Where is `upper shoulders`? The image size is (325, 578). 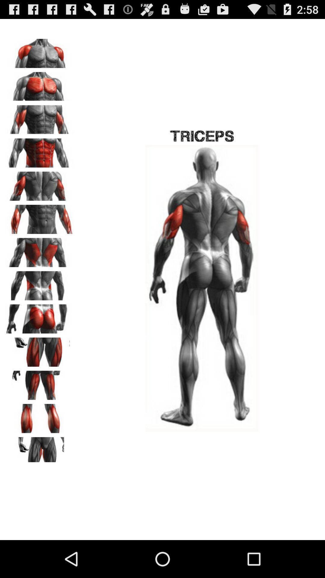 upper shoulders is located at coordinates (39, 51).